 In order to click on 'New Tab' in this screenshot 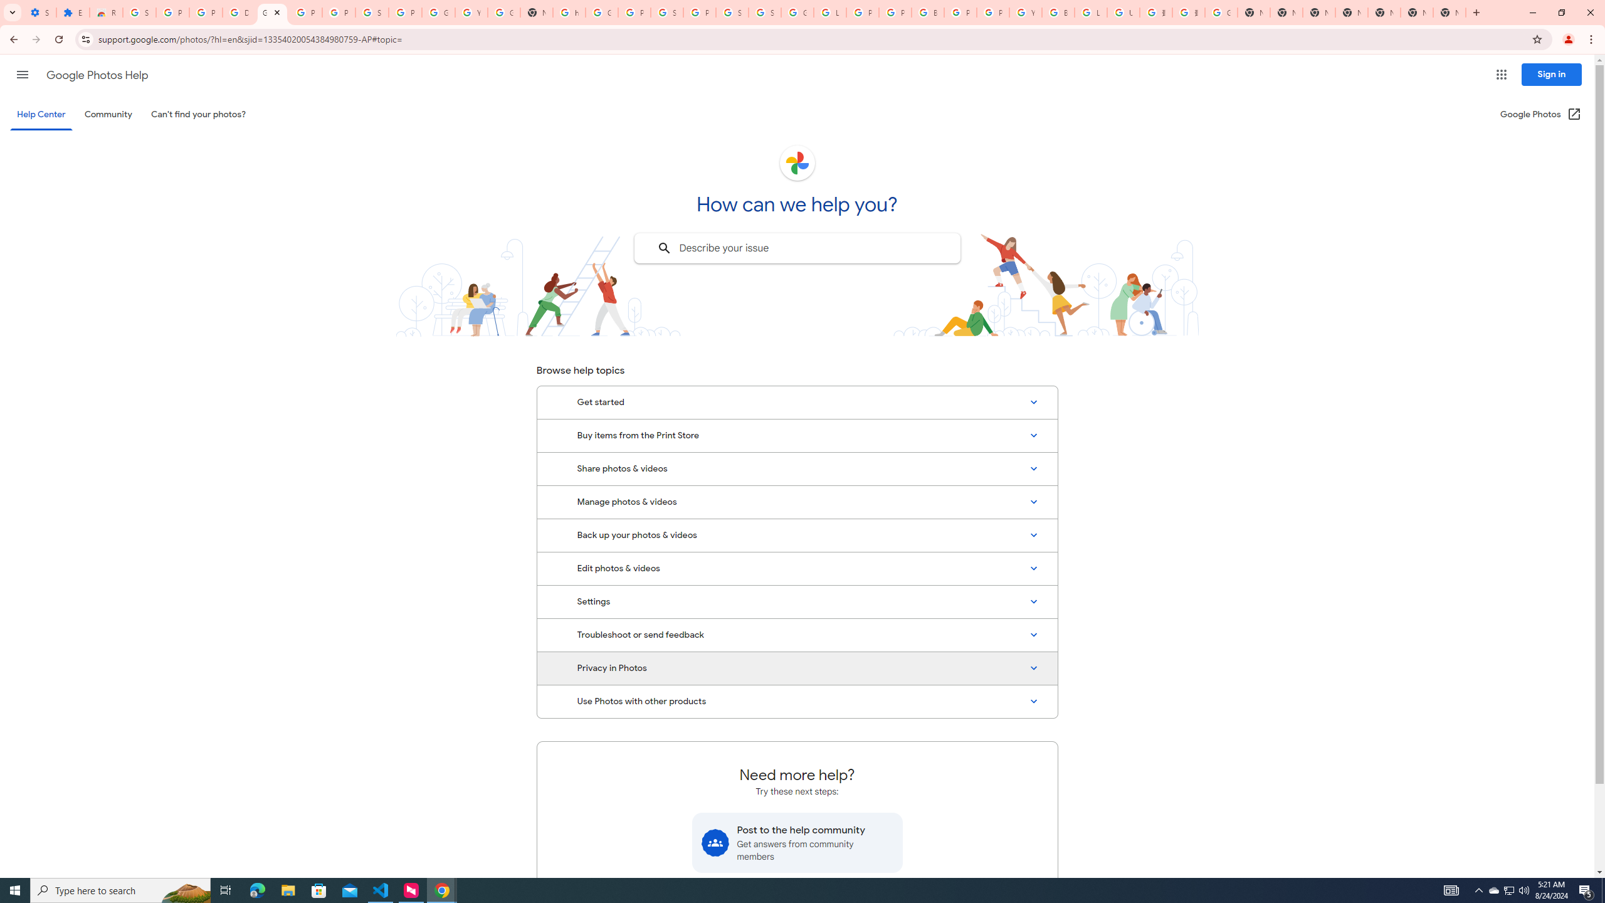, I will do `click(1449, 12)`.